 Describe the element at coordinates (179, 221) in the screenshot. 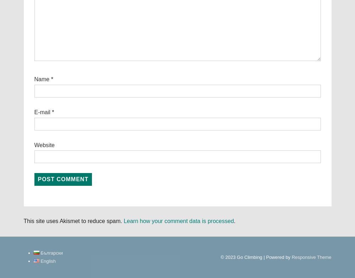

I see `'Learn how your comment data is processed'` at that location.